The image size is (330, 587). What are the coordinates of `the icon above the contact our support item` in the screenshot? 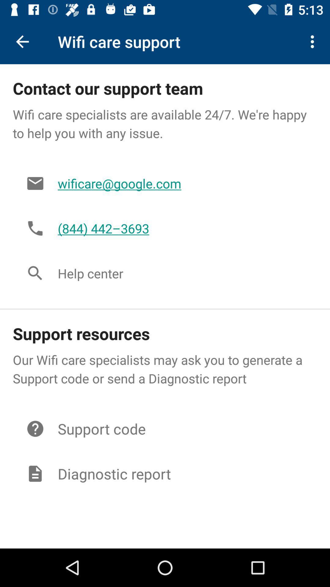 It's located at (22, 41).